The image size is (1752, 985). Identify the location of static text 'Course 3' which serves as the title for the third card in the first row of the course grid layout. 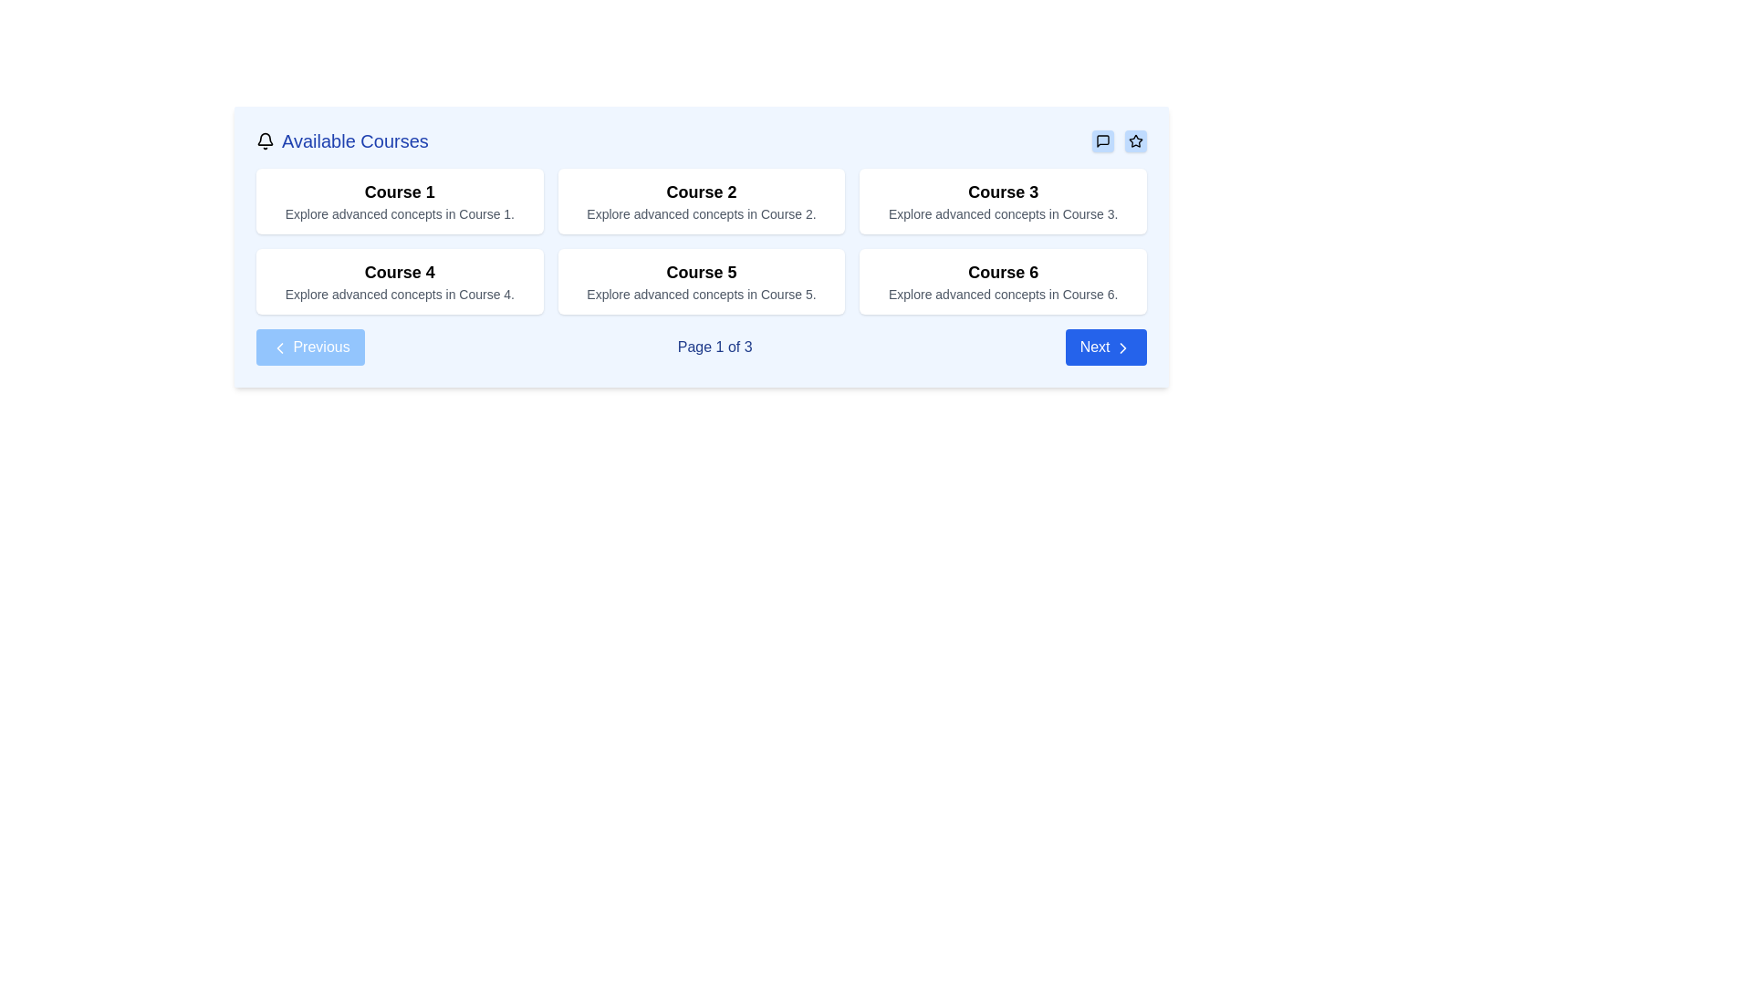
(1002, 192).